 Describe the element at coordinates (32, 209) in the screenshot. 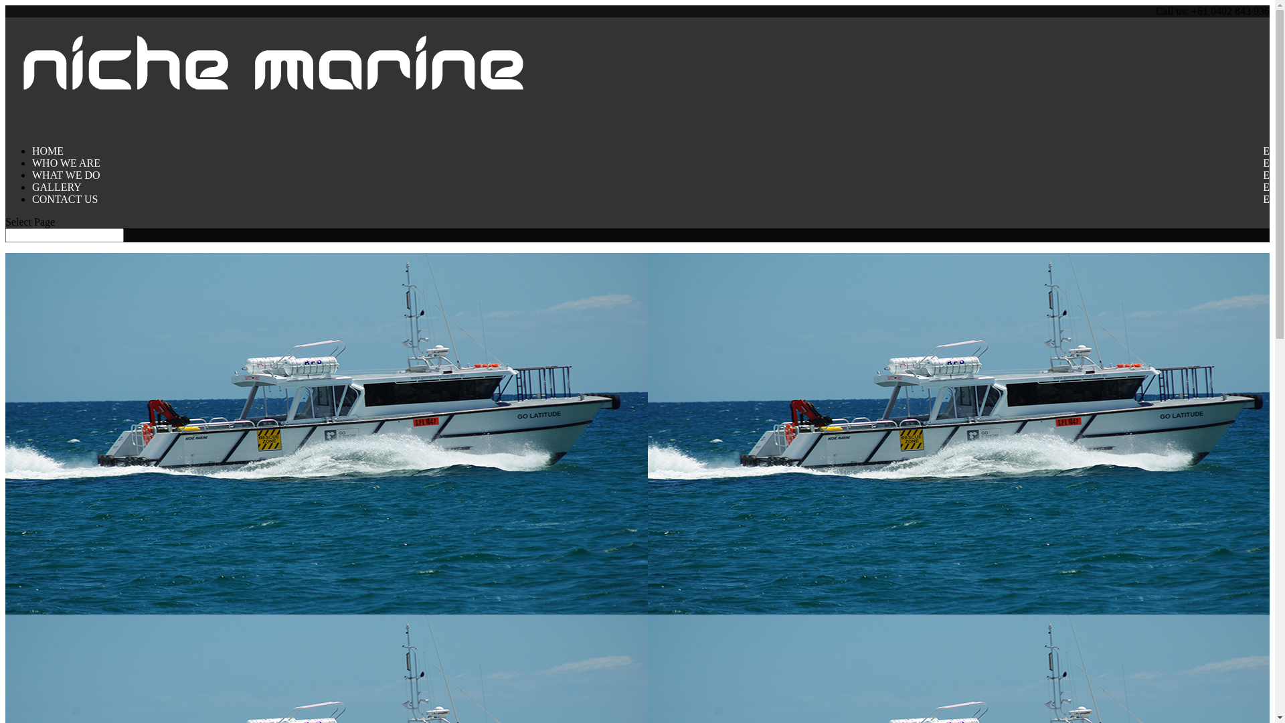

I see `'CONTACT US'` at that location.